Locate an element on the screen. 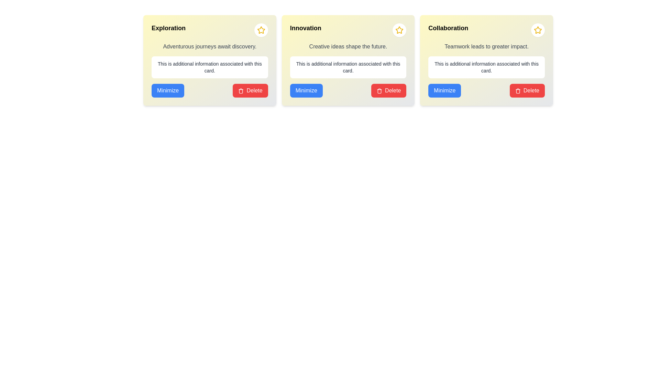 The height and width of the screenshot is (371, 660). the blue 'Minimize' button located within the 'Collaboration' card is located at coordinates (444, 90).